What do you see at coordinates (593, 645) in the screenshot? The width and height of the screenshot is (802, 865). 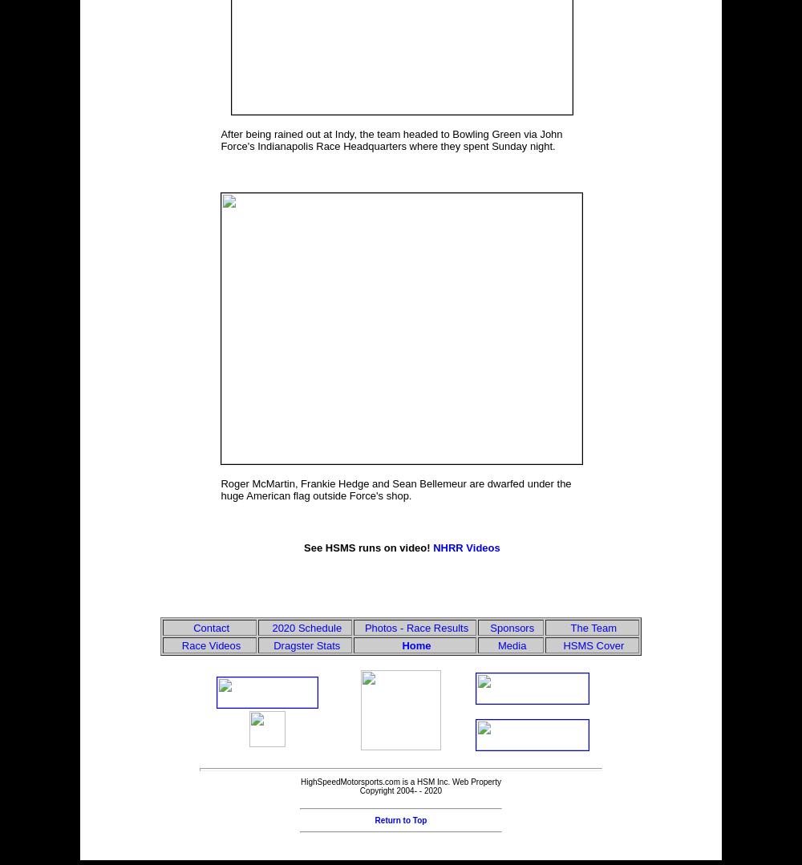 I see `'HSMS
    Cover'` at bounding box center [593, 645].